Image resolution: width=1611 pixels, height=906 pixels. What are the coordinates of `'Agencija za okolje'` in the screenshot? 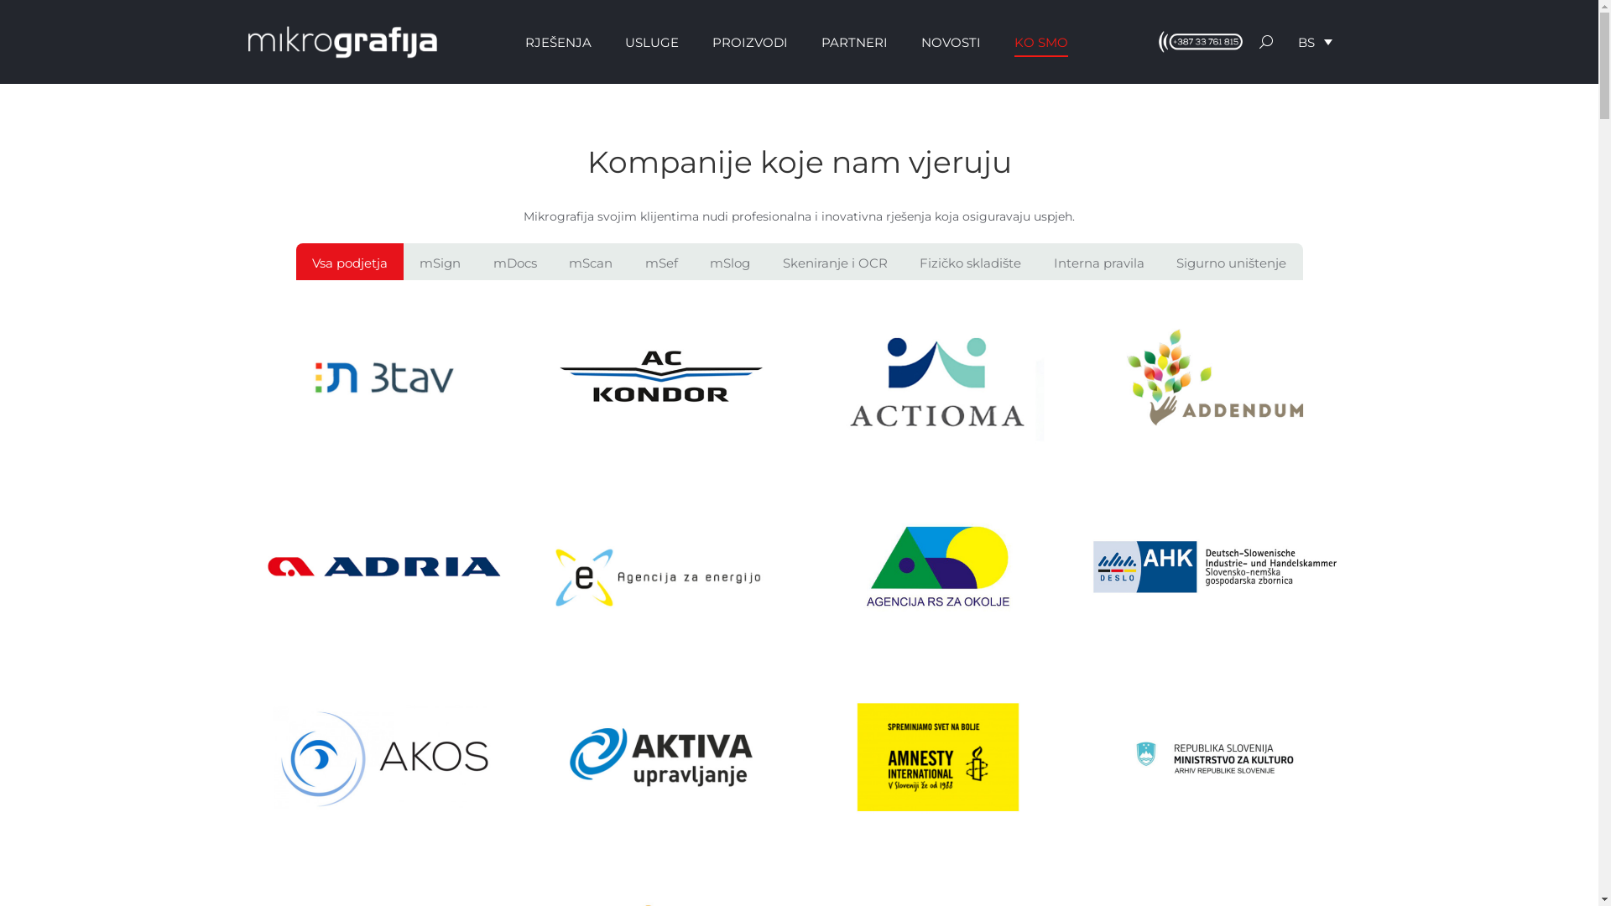 It's located at (936, 566).